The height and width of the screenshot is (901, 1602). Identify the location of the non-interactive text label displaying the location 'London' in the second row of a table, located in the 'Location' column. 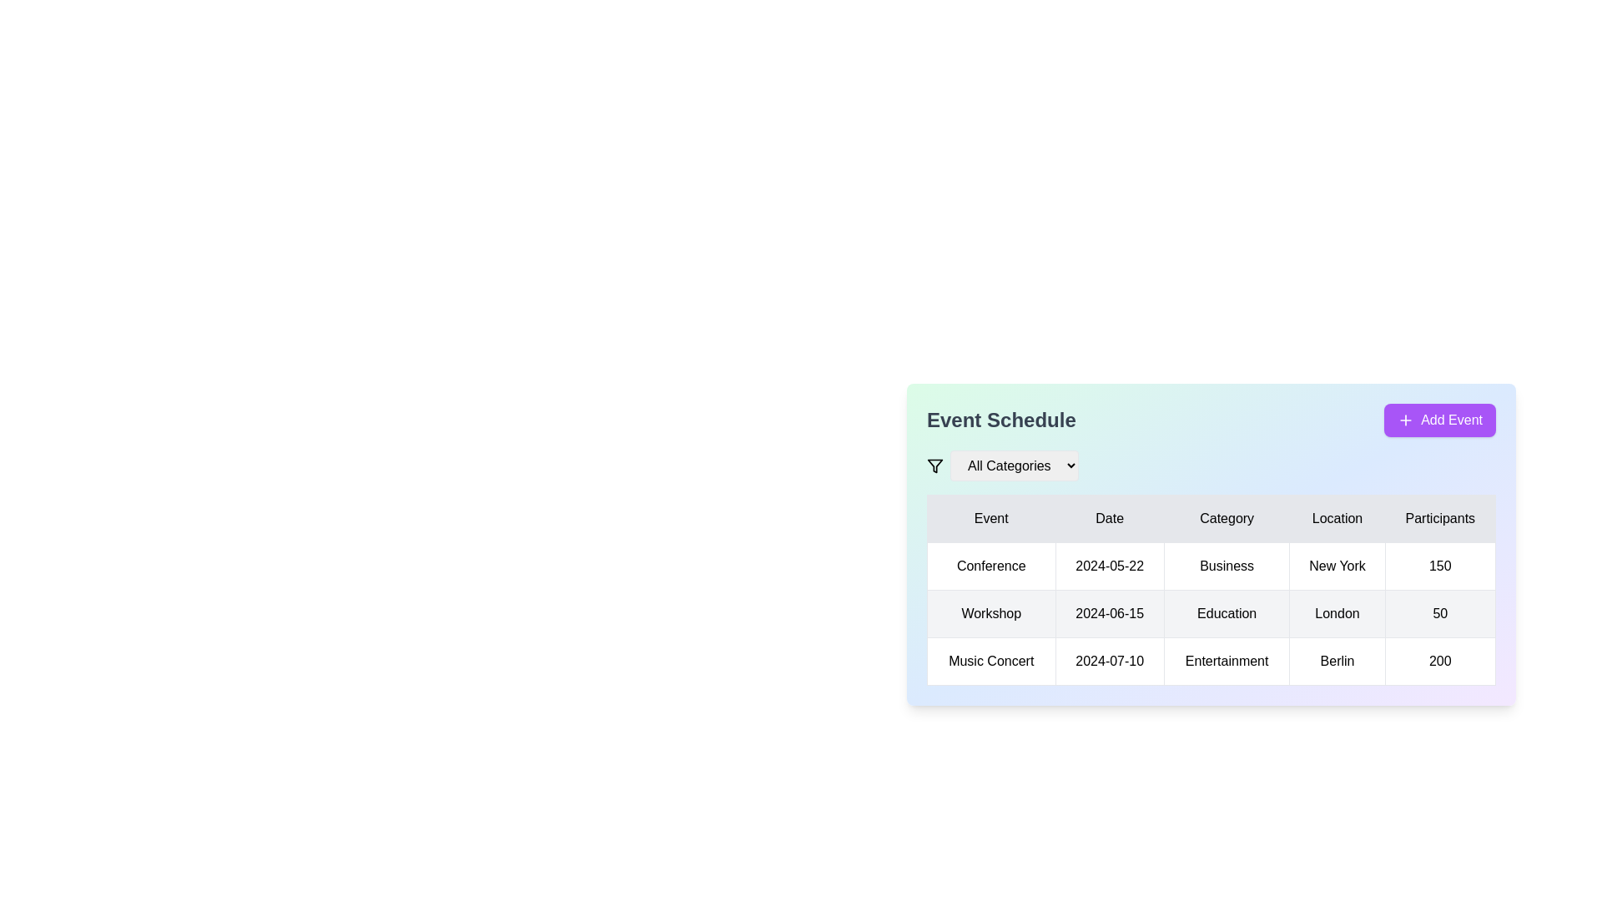
(1338, 614).